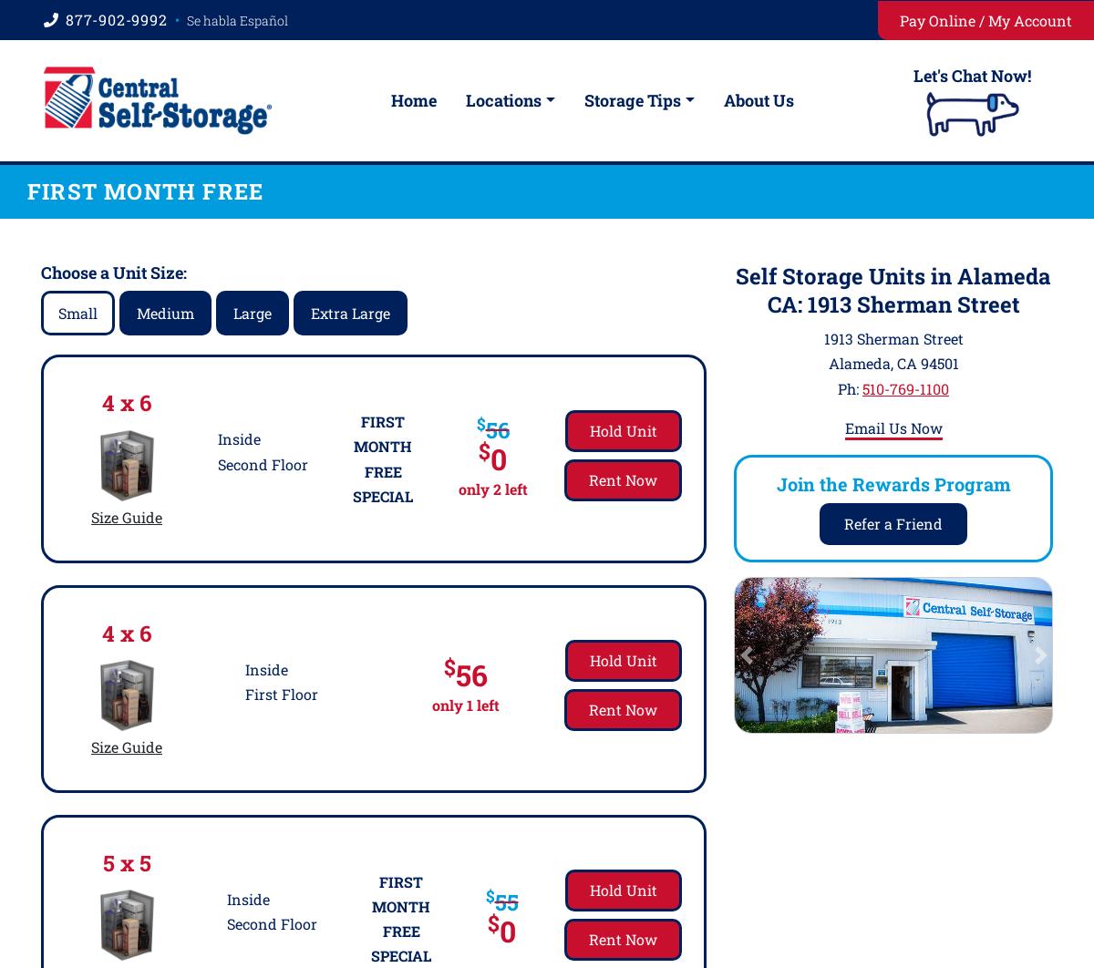 This screenshot has height=968, width=1094. What do you see at coordinates (632, 98) in the screenshot?
I see `'Storage Tips'` at bounding box center [632, 98].